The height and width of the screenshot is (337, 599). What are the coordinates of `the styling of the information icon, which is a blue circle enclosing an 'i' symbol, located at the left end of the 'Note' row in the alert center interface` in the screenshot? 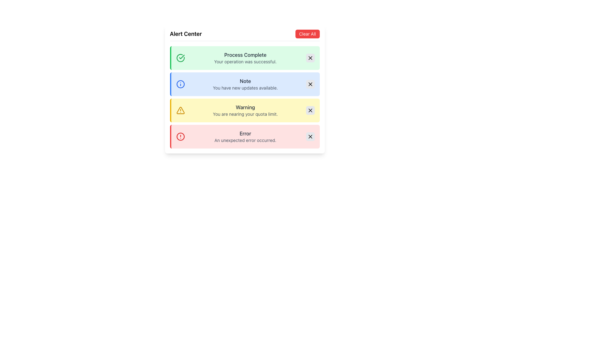 It's located at (180, 84).